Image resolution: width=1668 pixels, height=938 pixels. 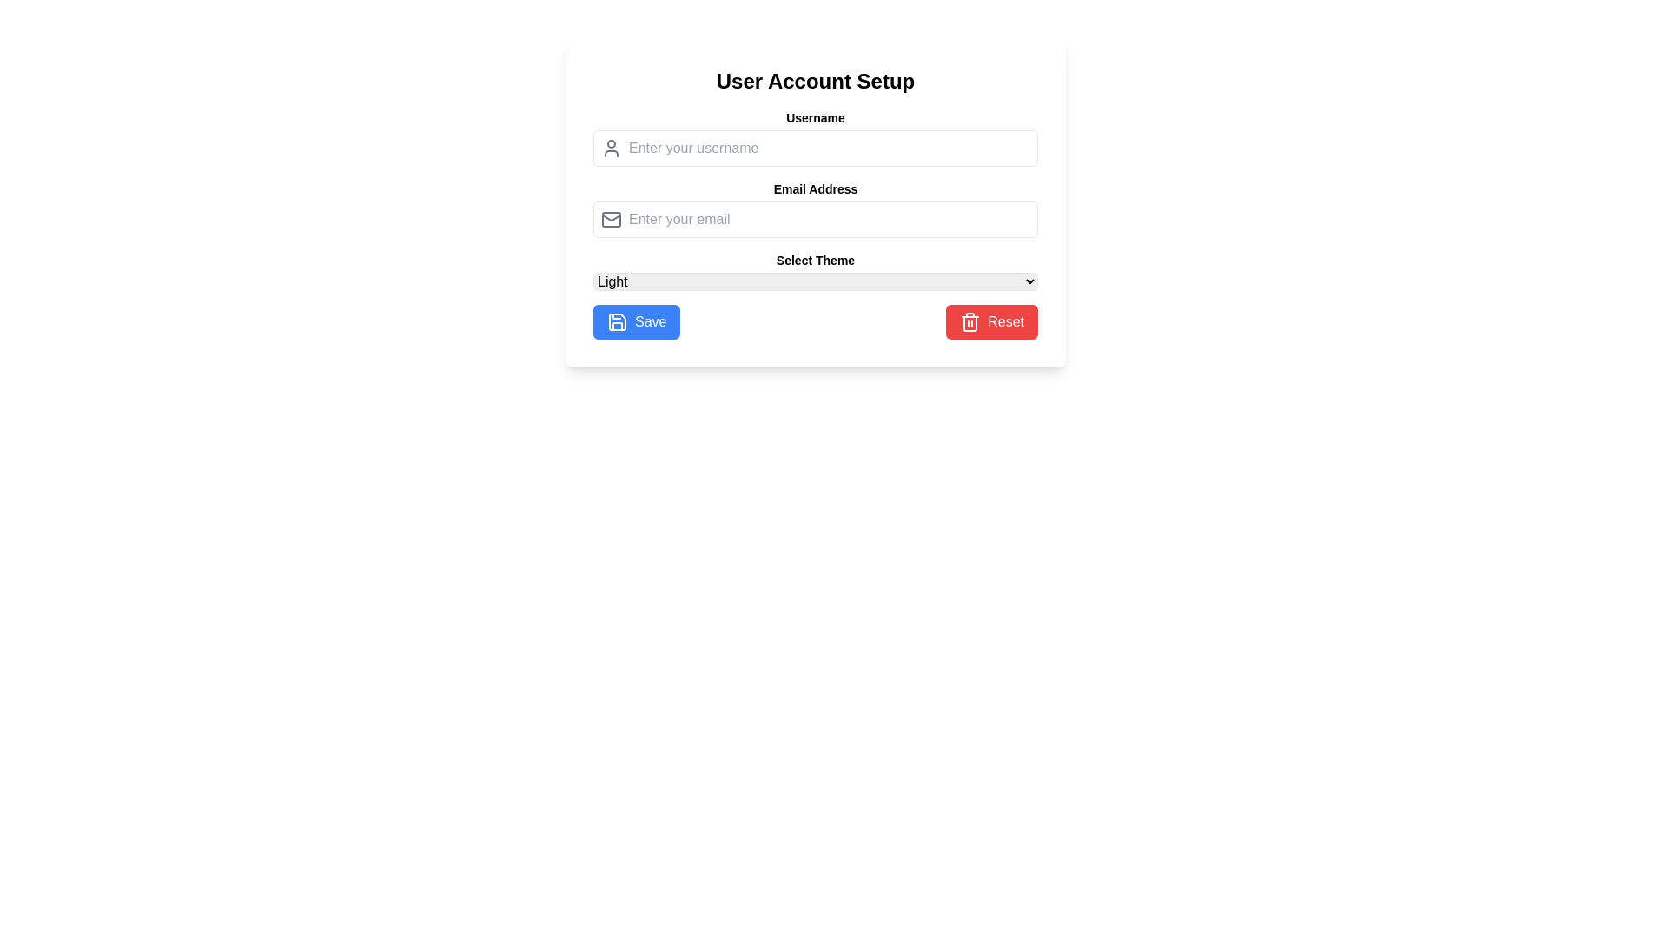 What do you see at coordinates (617, 321) in the screenshot?
I see `the 'Save' button which encompasses the small save icon on the bottom left blue button in the interface` at bounding box center [617, 321].